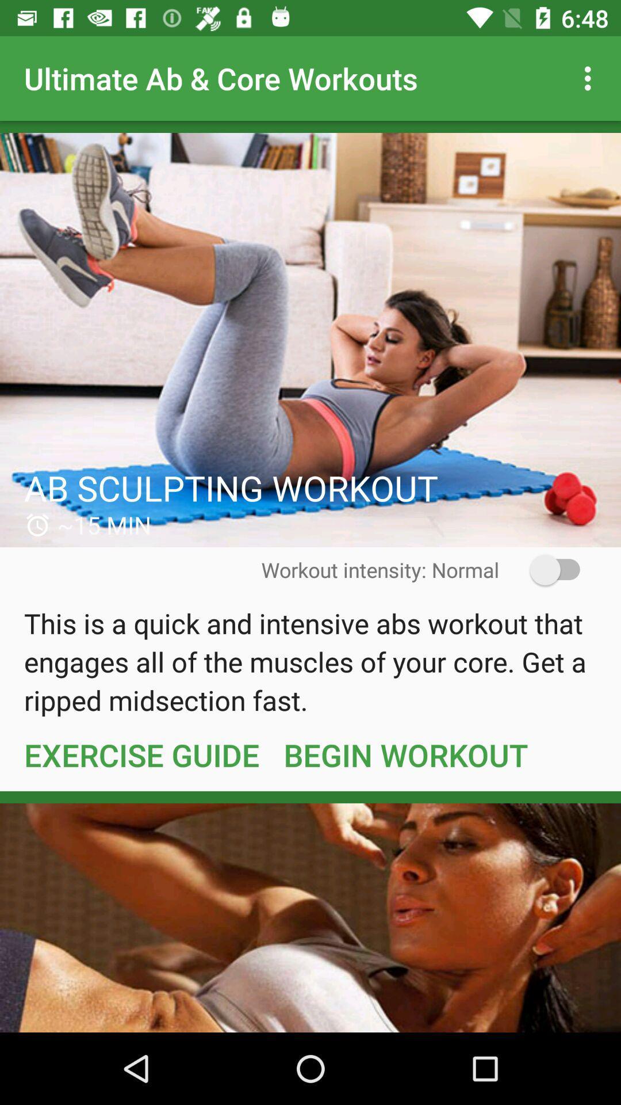  Describe the element at coordinates (591, 78) in the screenshot. I see `app next to the ultimate ab core item` at that location.